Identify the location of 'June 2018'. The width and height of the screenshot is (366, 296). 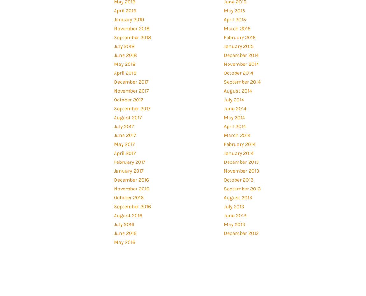
(125, 54).